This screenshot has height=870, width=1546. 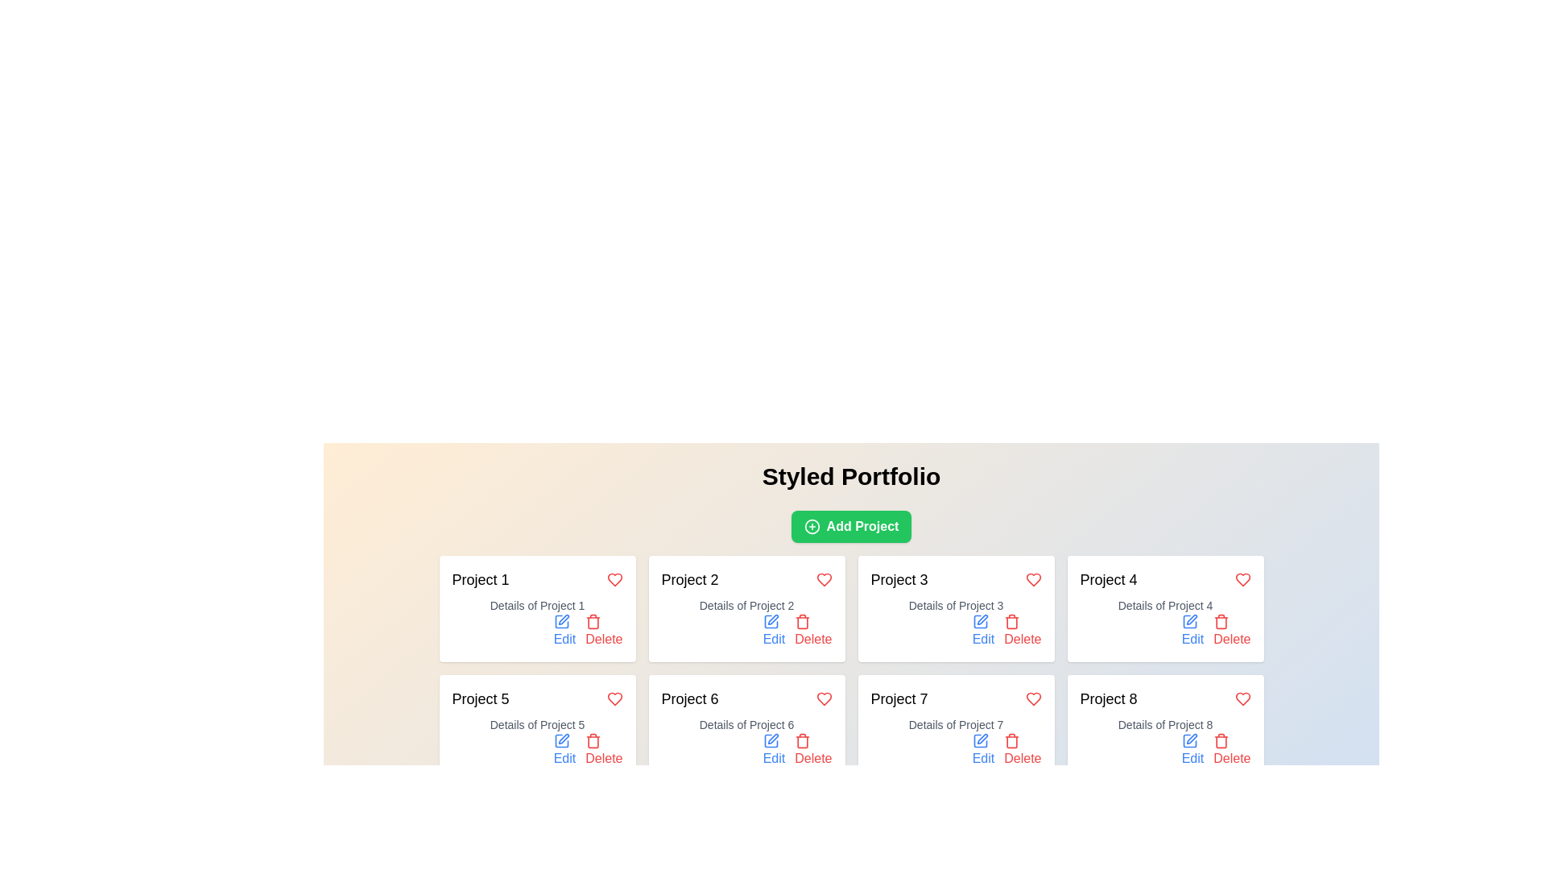 I want to click on the 'Edit' Link-button, which is located to the left of the 'Delete' option within the project card for 'Project 2', so click(x=774, y=630).